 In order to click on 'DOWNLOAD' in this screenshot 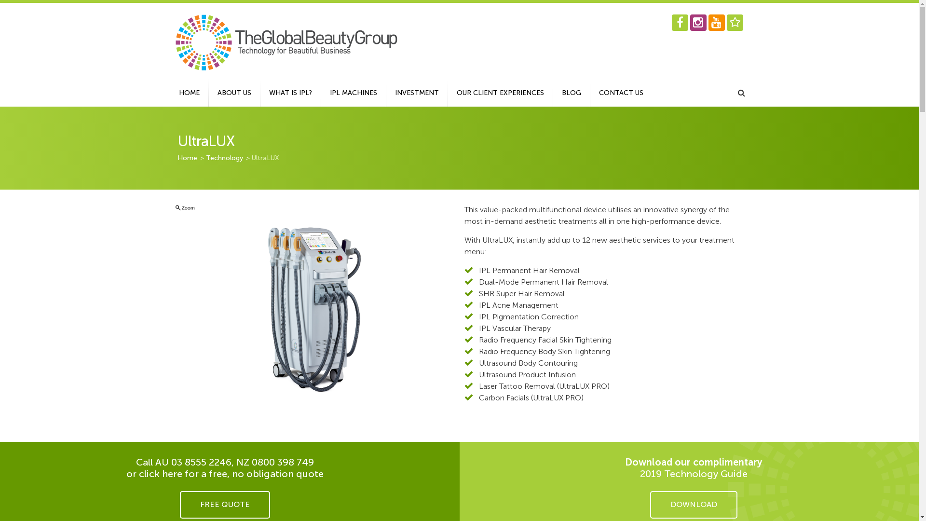, I will do `click(693, 504)`.